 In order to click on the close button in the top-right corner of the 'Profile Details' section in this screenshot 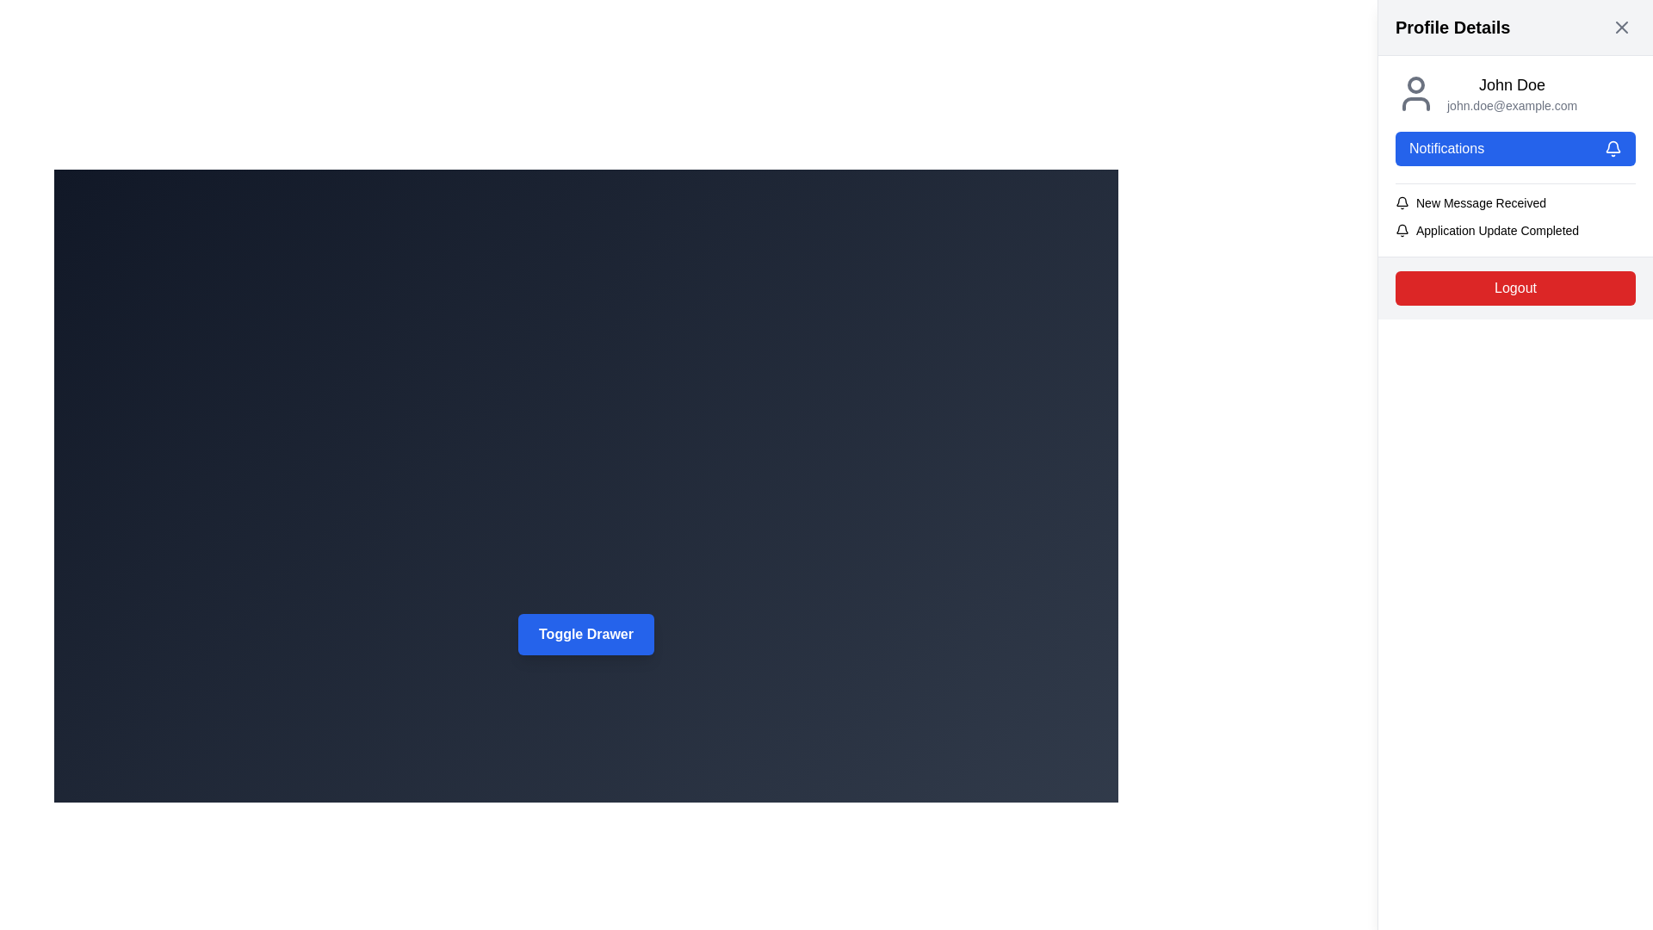, I will do `click(1620, 27)`.